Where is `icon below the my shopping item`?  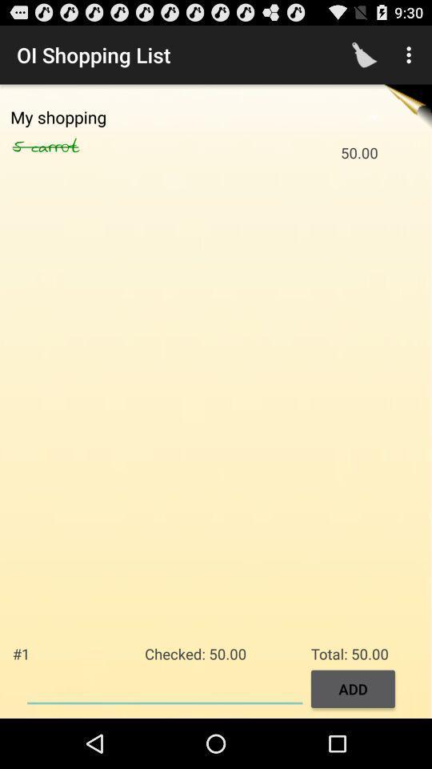
icon below the my shopping item is located at coordinates (21, 147).